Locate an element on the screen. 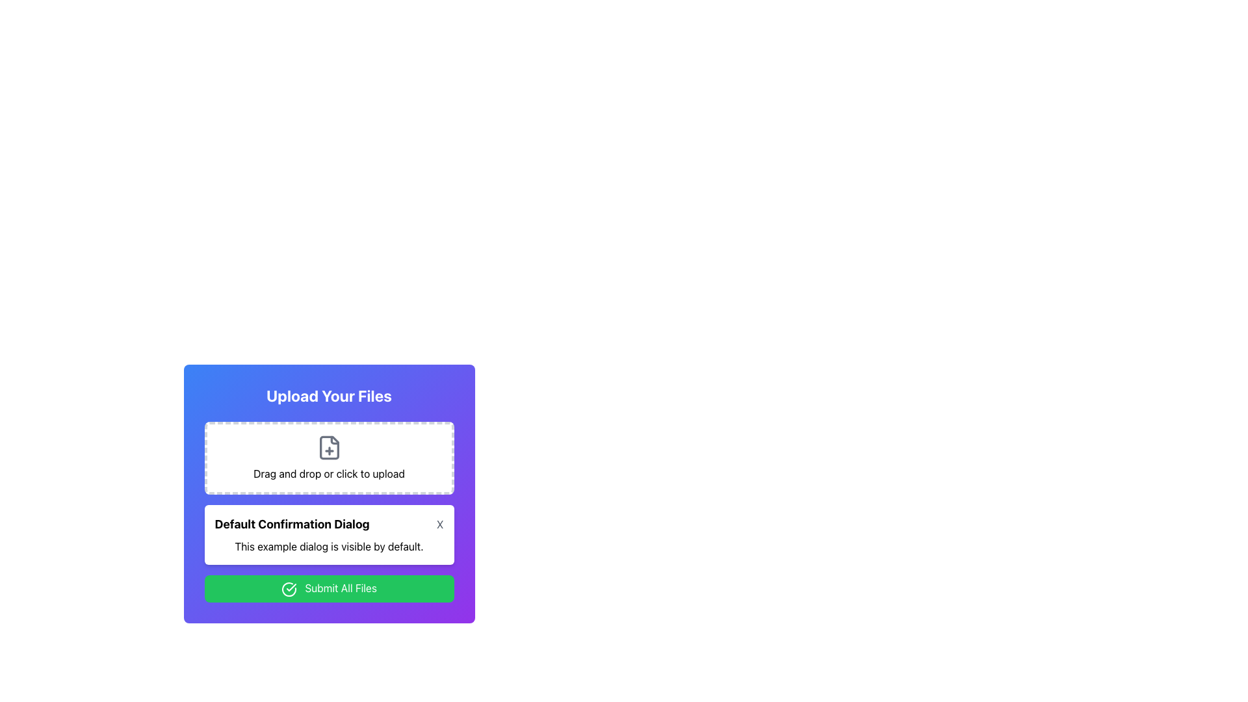 Image resolution: width=1248 pixels, height=702 pixels. the Interactive file upload component in the 'Upload Your Files' dialog is located at coordinates (329, 458).